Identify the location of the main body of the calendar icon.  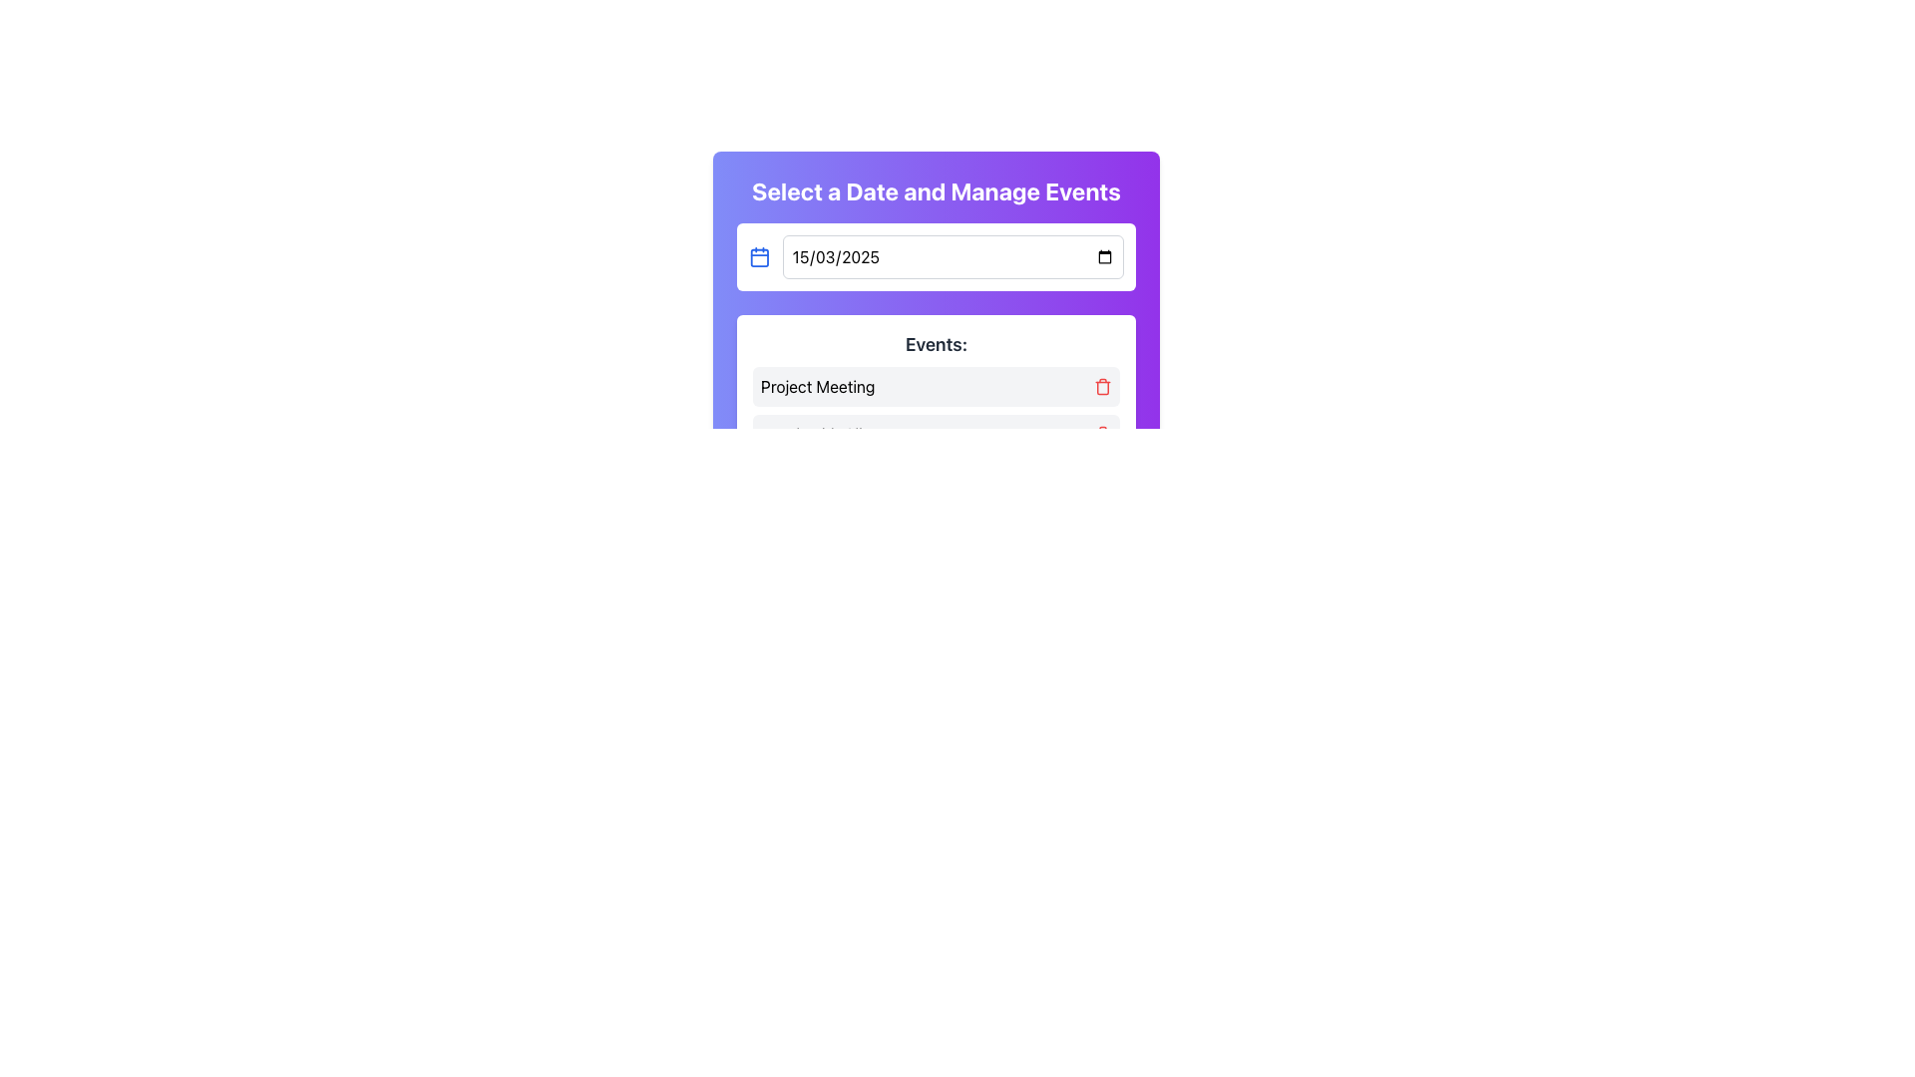
(758, 256).